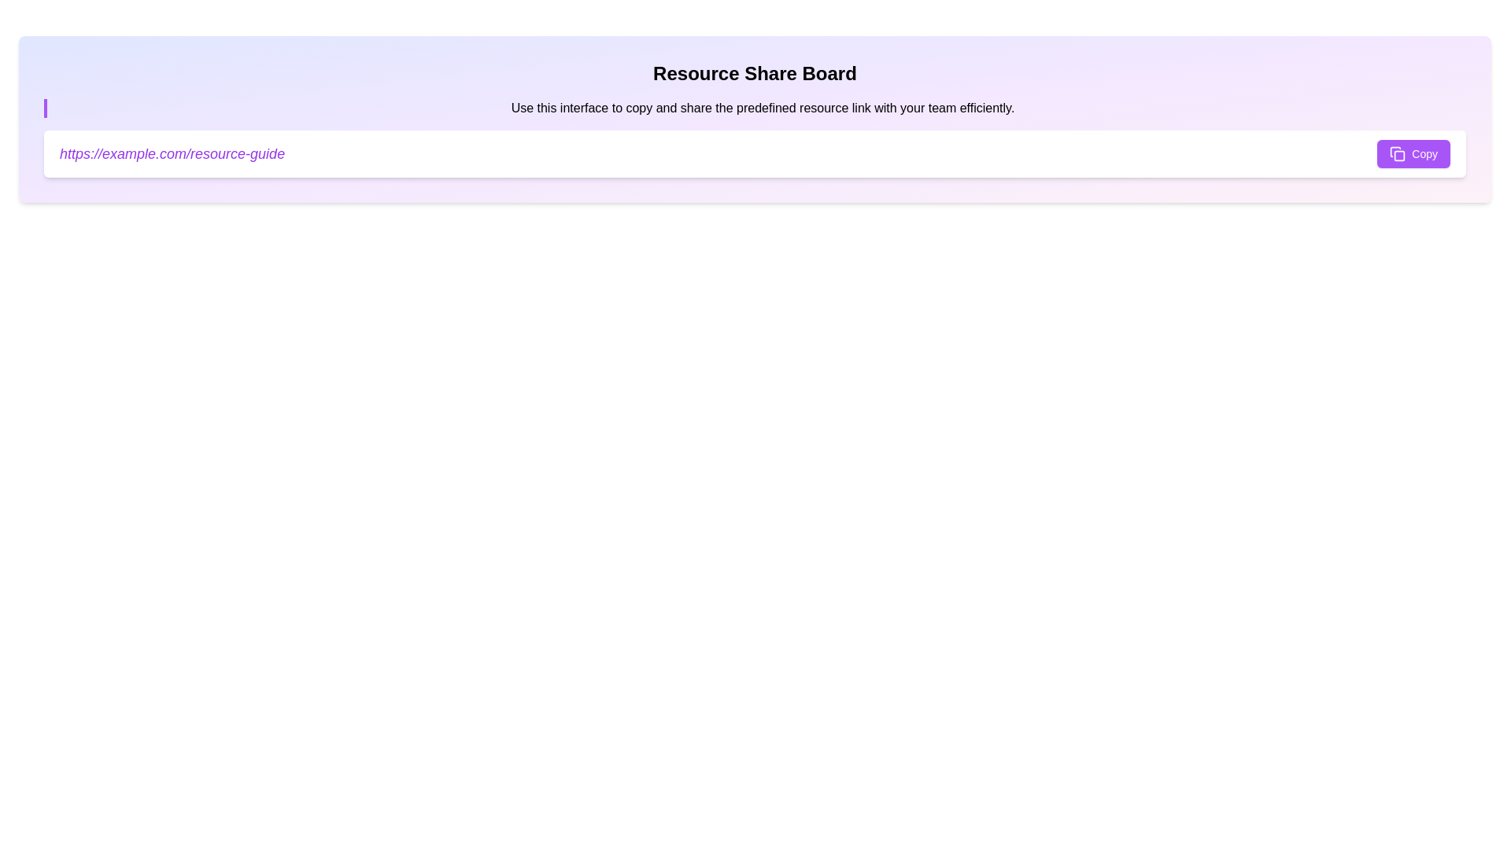  What do you see at coordinates (754, 73) in the screenshot?
I see `bold text 'Resource Share Board' which is prominently displayed at the top of a card-like section with a gradient background` at bounding box center [754, 73].